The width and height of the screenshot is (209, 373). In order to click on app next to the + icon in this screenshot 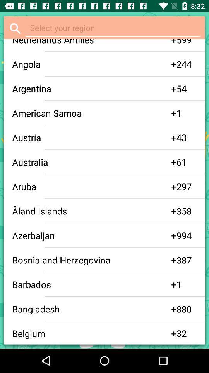, I will do `click(92, 333)`.